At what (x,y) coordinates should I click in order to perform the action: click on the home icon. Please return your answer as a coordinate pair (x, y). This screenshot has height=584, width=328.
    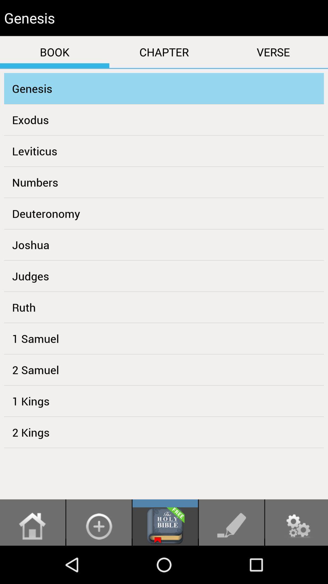
    Looking at the image, I should click on (32, 563).